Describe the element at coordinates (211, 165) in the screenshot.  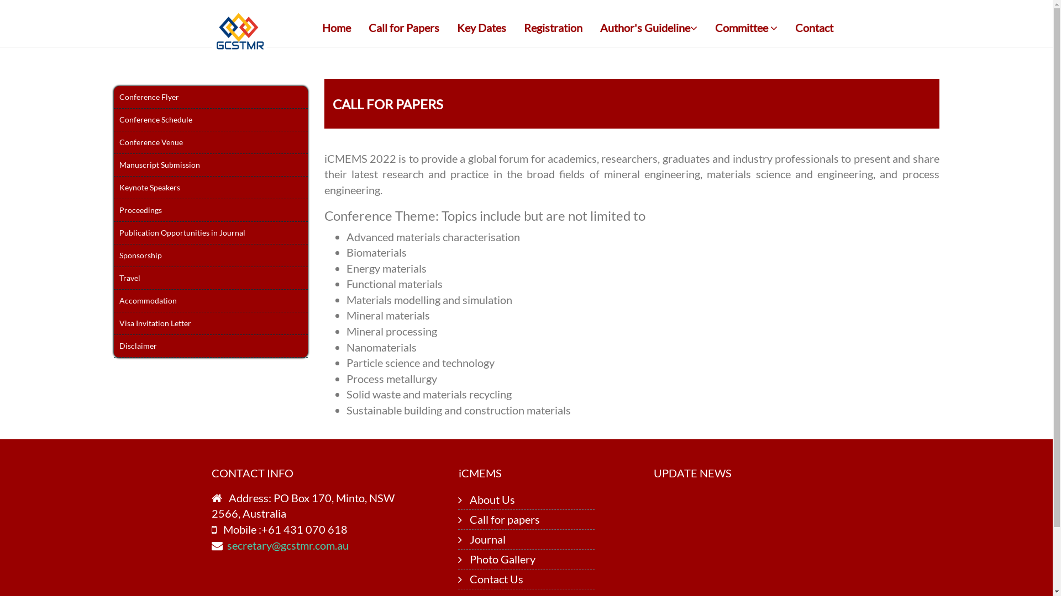
I see `'Manuscript Submission'` at that location.